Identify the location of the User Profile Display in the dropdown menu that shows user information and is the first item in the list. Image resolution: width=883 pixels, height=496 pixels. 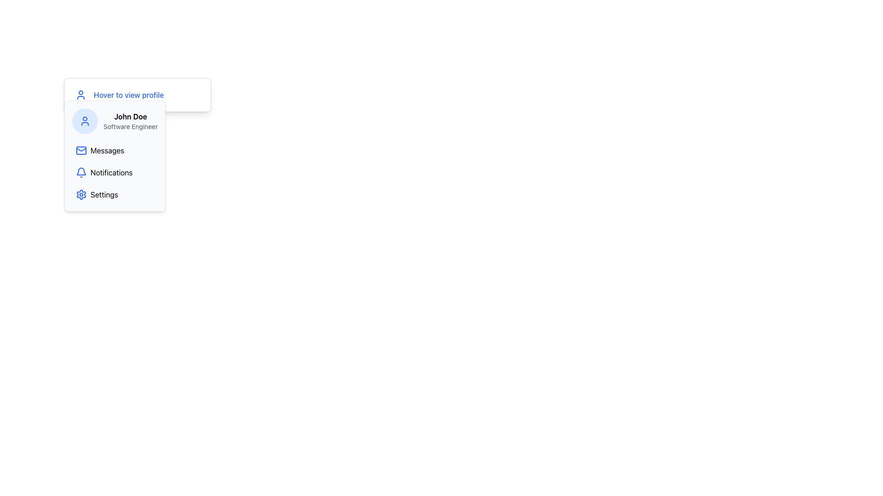
(115, 120).